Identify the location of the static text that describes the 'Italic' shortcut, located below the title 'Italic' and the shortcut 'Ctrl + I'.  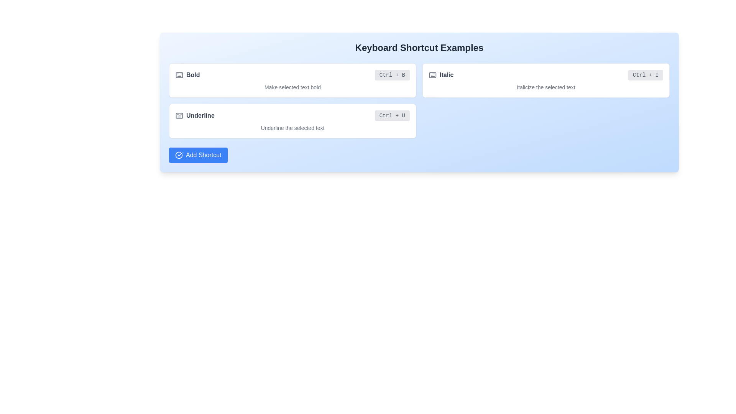
(545, 87).